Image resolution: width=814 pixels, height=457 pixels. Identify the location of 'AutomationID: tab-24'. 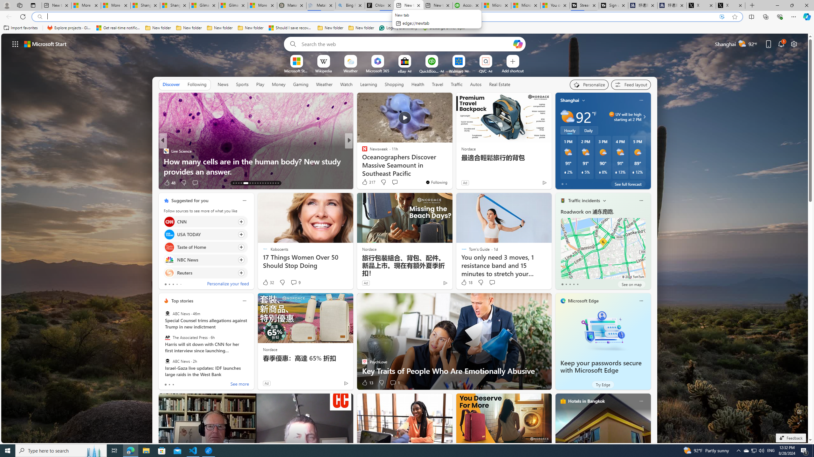
(265, 183).